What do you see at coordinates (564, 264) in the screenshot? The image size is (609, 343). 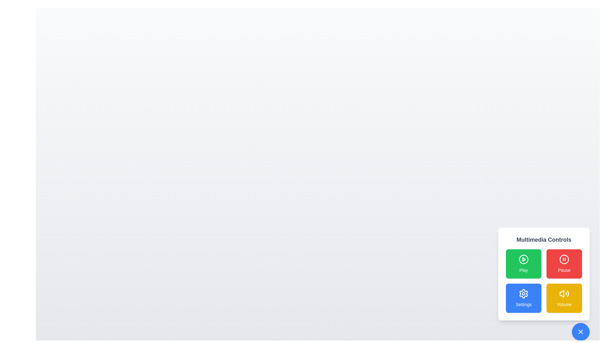 I see `the bright red 'Pause' button with rounded corners, which has a pause icon above the label 'Pause'` at bounding box center [564, 264].